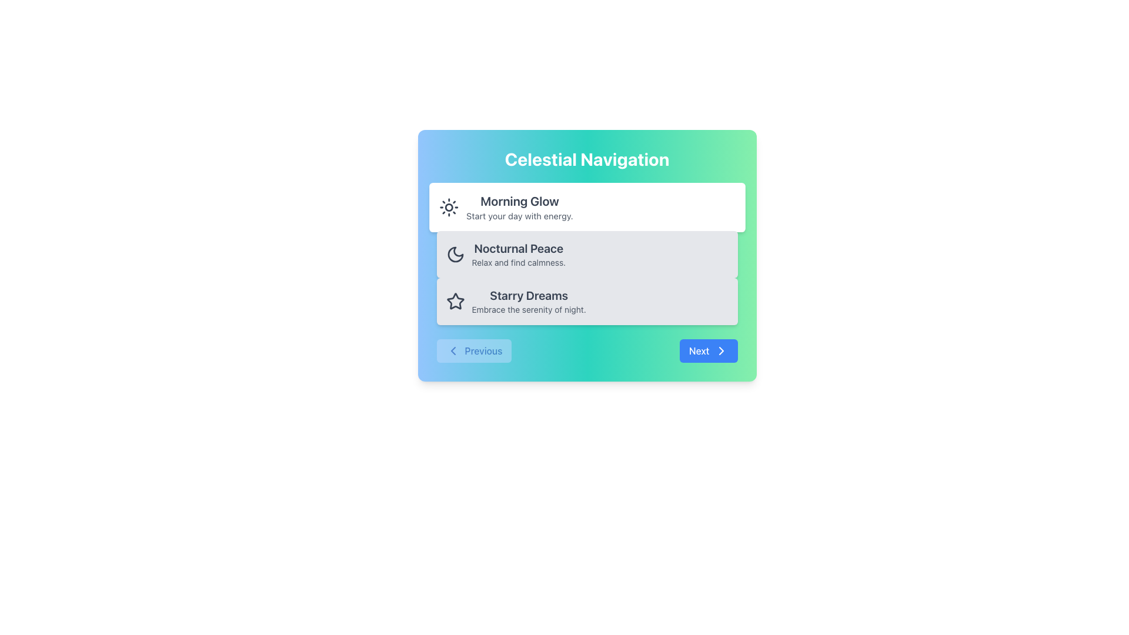 The image size is (1129, 635). I want to click on the disabled 'Previous' button with rounded corners, blue background, and a leftward arrow icon, located at the bottom-left side of the 'Celestial Navigation' panel, so click(474, 350).